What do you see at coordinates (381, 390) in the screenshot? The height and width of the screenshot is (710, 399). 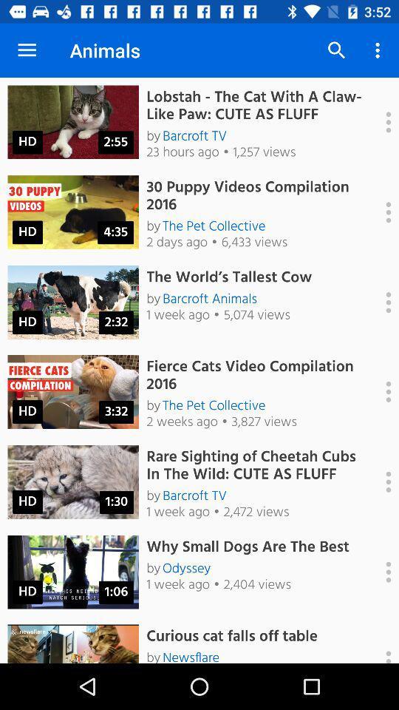 I see `more information about video` at bounding box center [381, 390].